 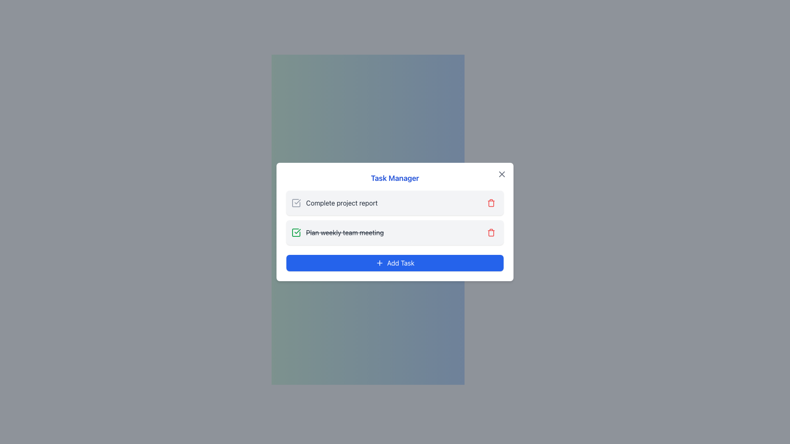 I want to click on the first checkbox next to the text 'Complete project report', so click(x=296, y=203).